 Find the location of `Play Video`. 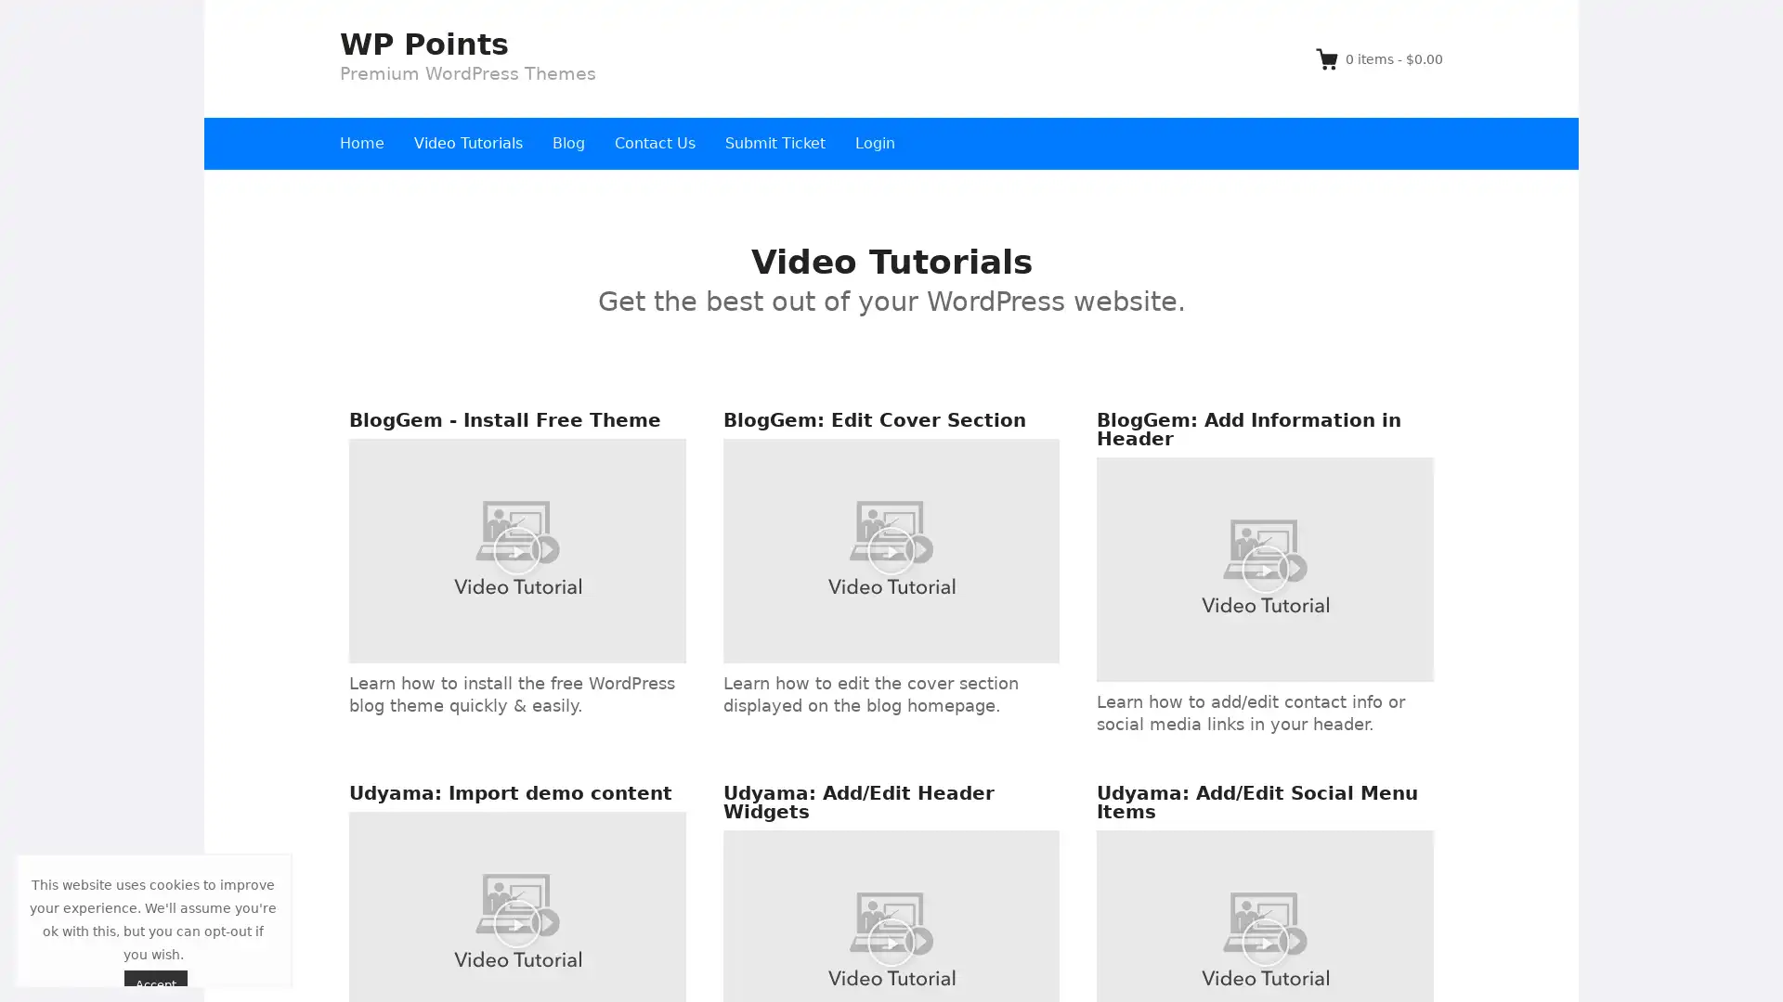

Play Video is located at coordinates (516, 549).